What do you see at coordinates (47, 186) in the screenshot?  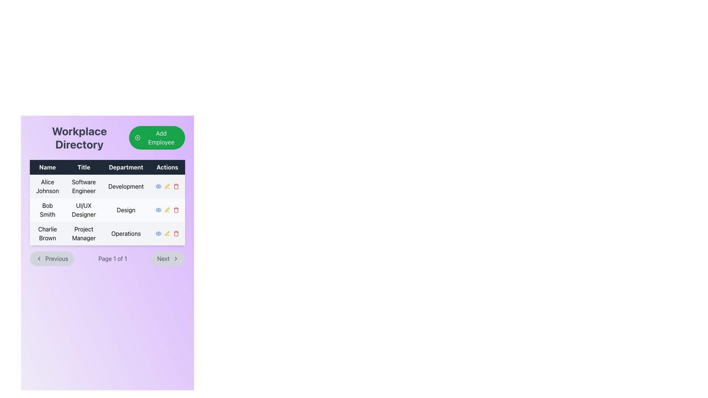 I see `the text label displaying the name 'Alice Johnson' located in the first row of the data table under the 'Name' column` at bounding box center [47, 186].